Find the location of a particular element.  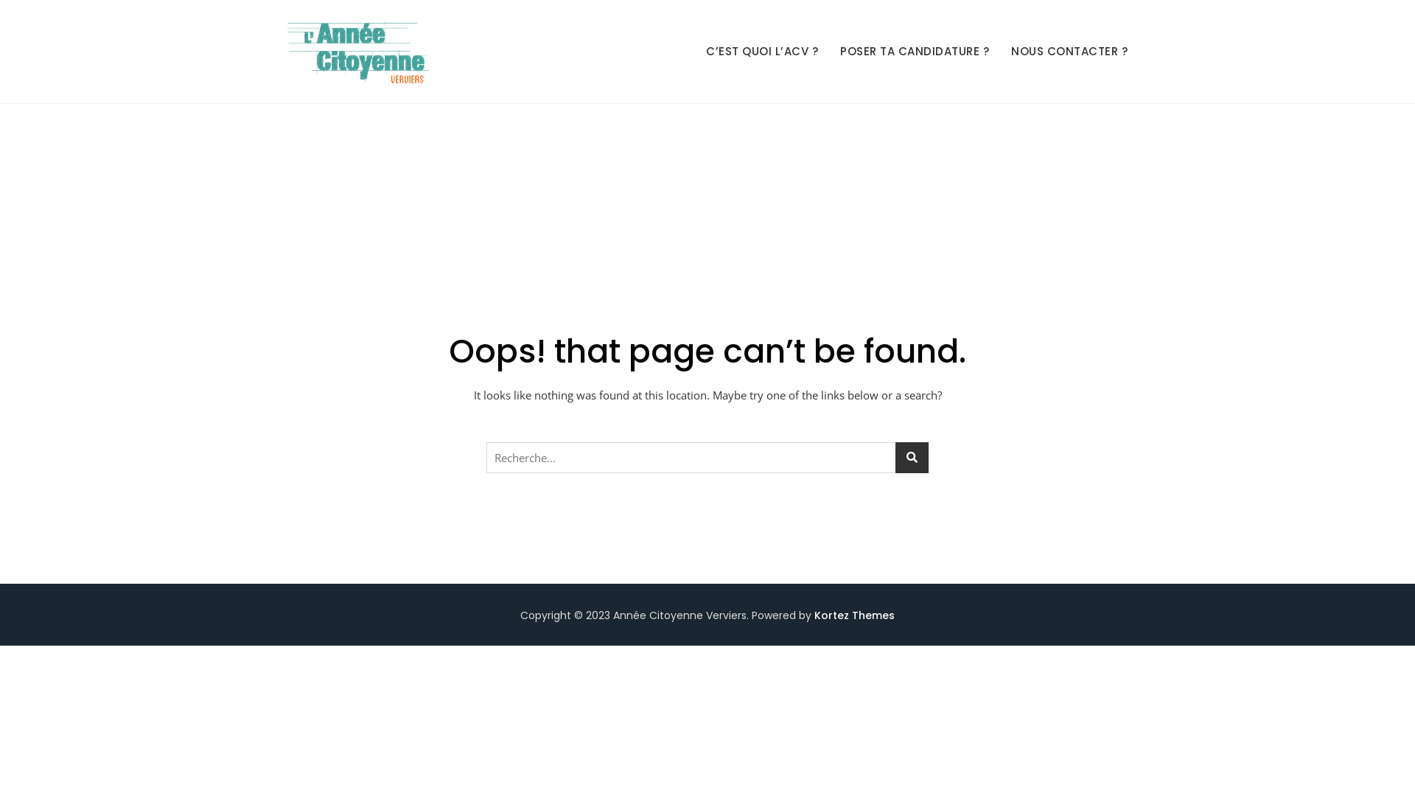

'Kortez Themes' is located at coordinates (854, 615).